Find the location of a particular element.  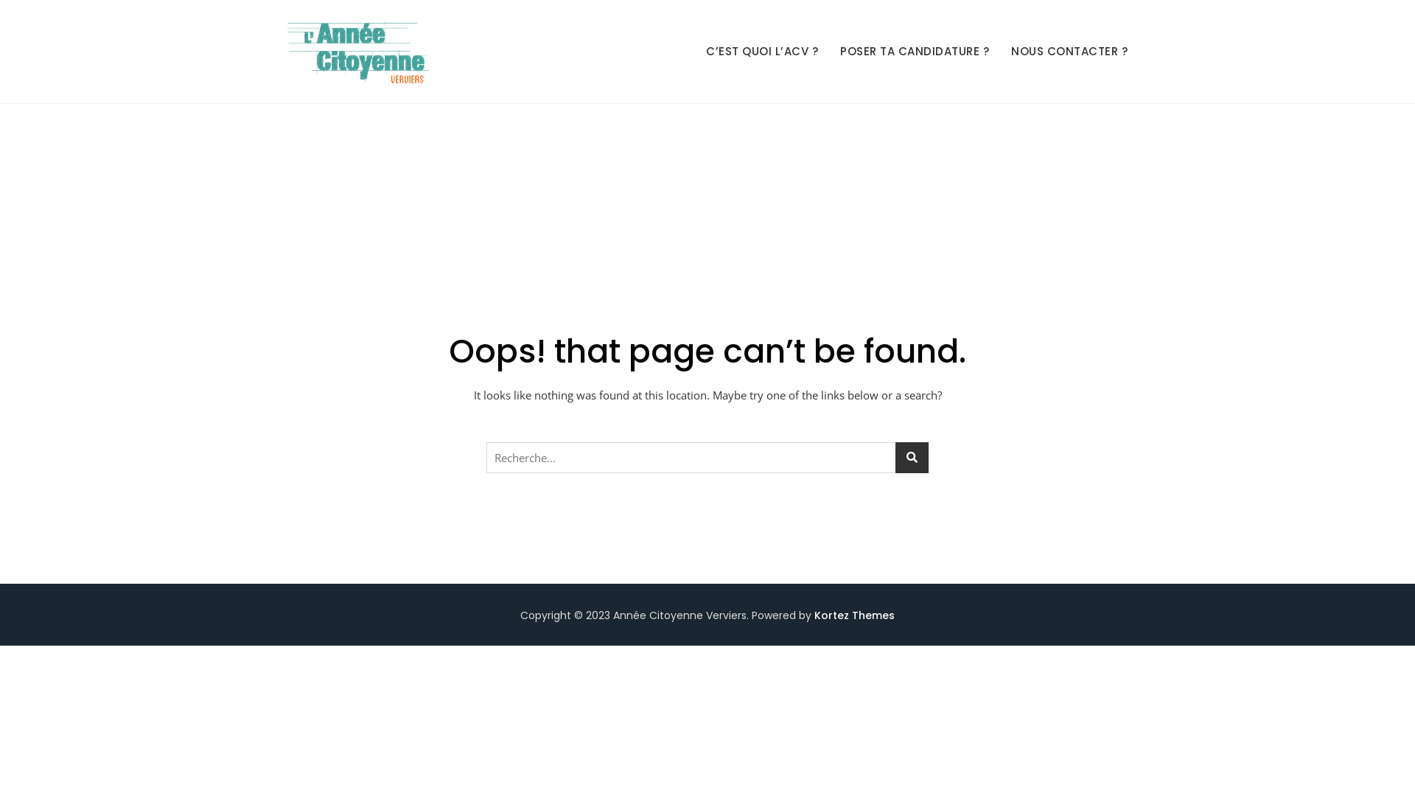

'Kortez Themes' is located at coordinates (854, 615).